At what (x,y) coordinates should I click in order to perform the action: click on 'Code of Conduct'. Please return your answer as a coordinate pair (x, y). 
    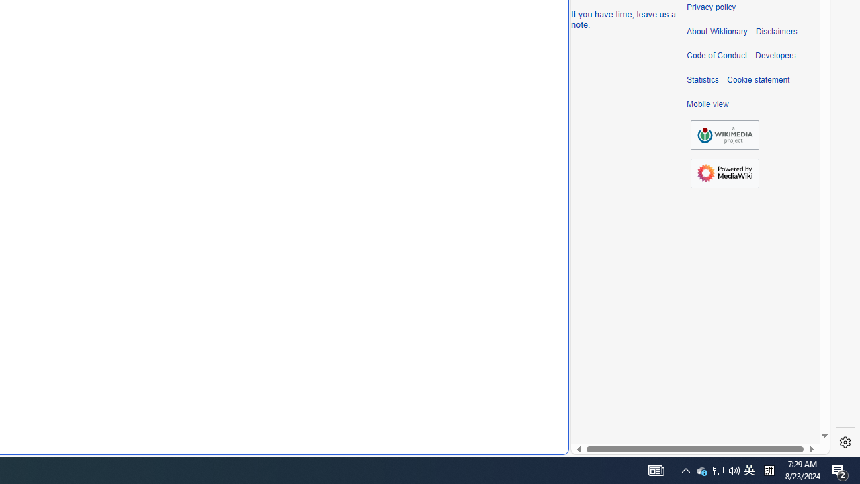
    Looking at the image, I should click on (716, 55).